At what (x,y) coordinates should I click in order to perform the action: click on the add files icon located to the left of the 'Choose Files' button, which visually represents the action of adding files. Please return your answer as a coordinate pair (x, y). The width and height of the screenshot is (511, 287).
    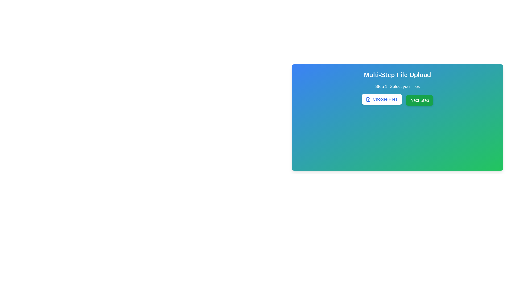
    Looking at the image, I should click on (368, 99).